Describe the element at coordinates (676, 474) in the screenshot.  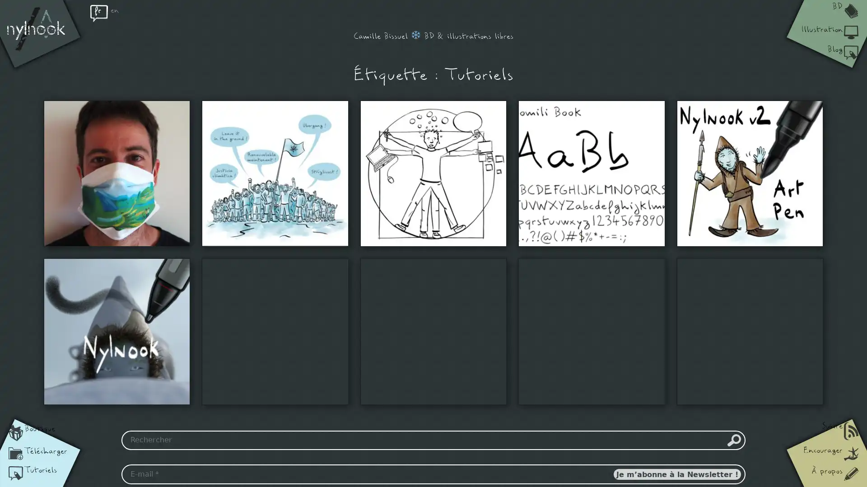
I see `Je mabonne a la Newsletter !` at that location.